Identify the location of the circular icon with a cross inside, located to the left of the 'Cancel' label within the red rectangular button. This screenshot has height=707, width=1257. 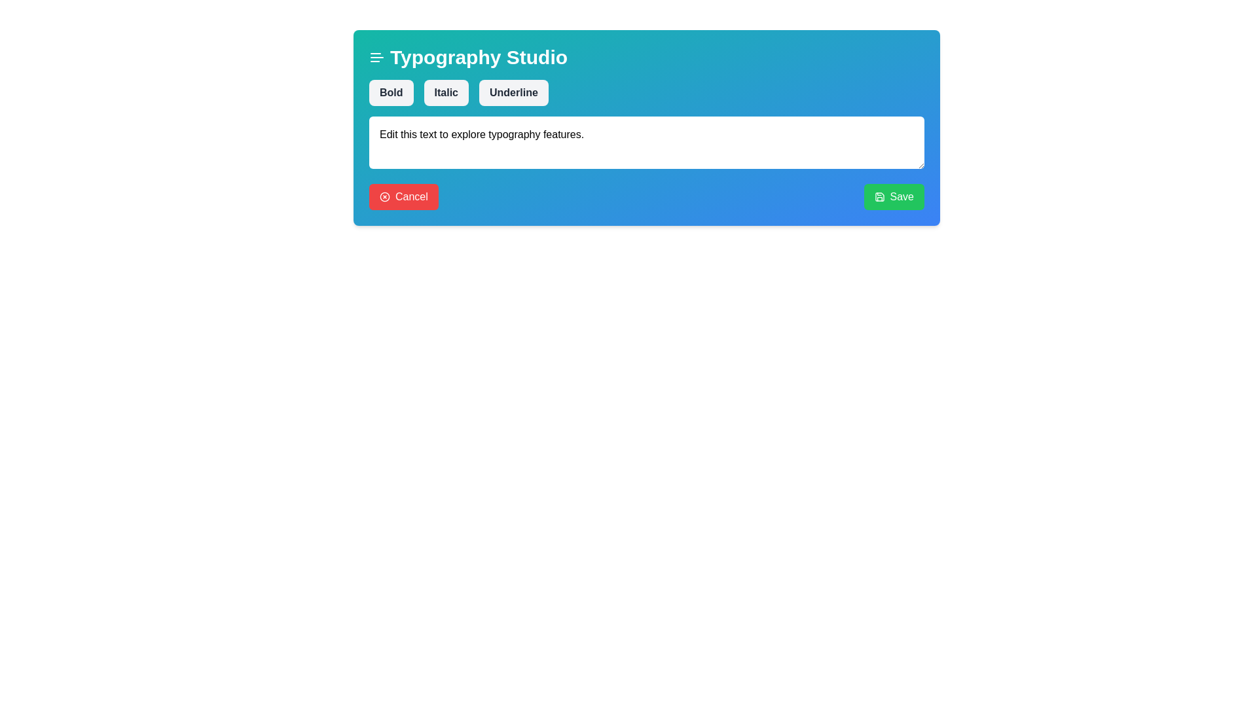
(384, 196).